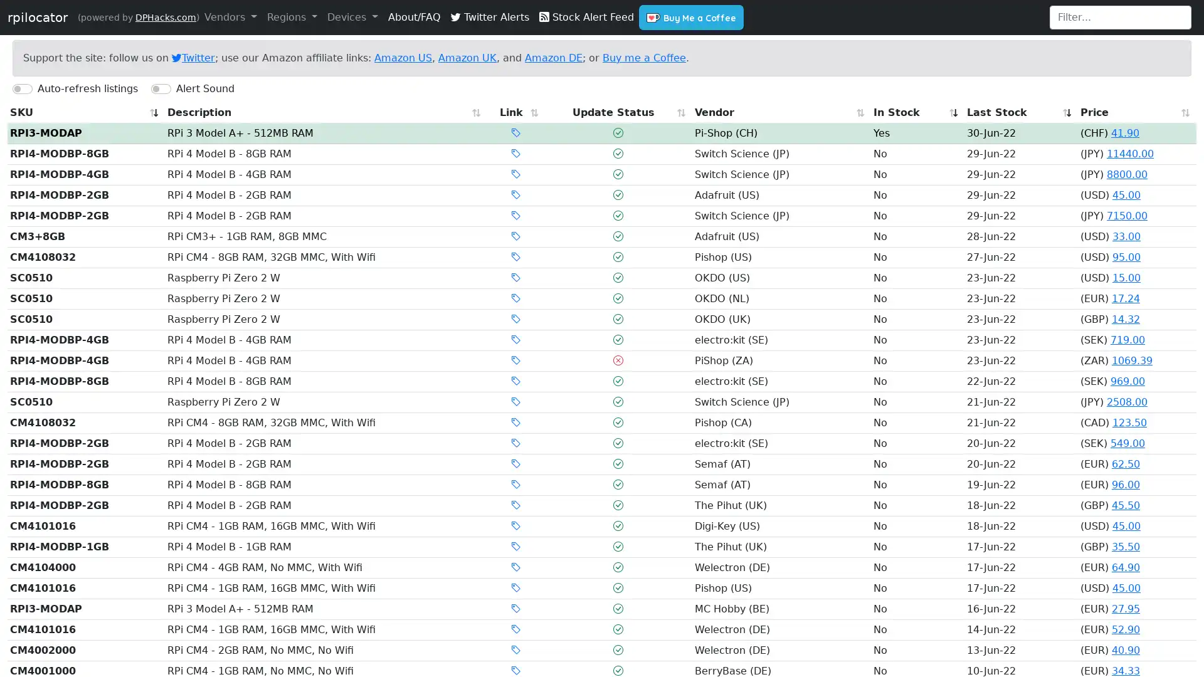  Describe the element at coordinates (352, 17) in the screenshot. I see `Devices` at that location.